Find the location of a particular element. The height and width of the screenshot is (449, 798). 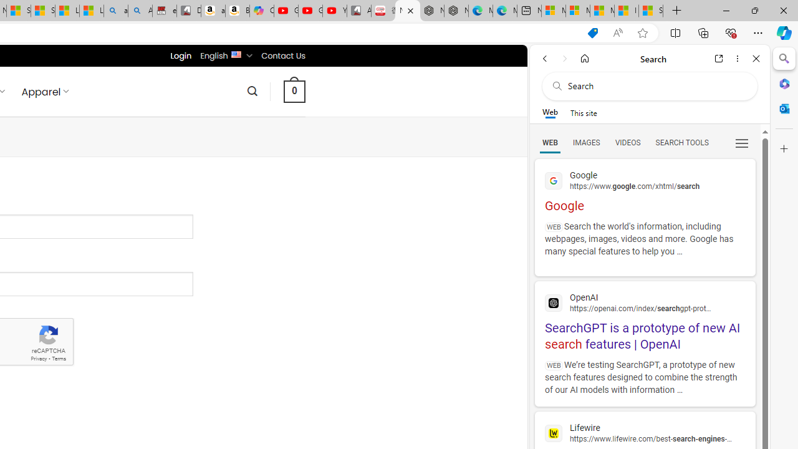

'Login' is located at coordinates (180, 55).